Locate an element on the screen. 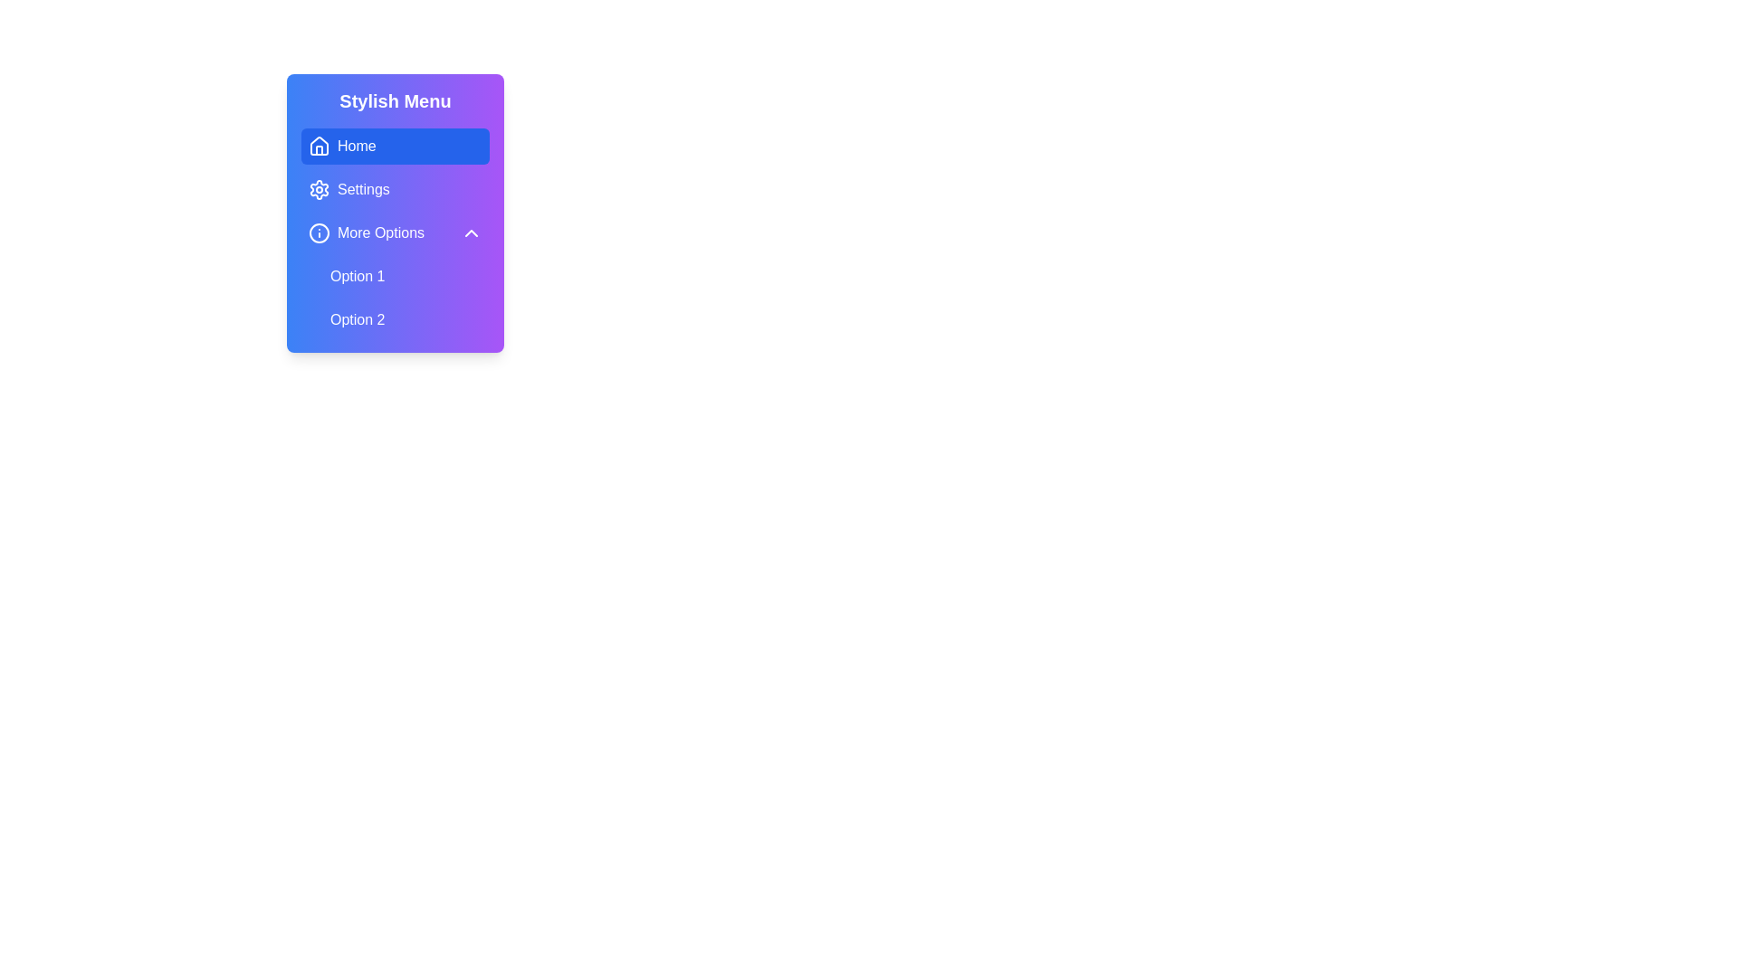  the 'More Options' label with an information icon is located at coordinates (365, 232).